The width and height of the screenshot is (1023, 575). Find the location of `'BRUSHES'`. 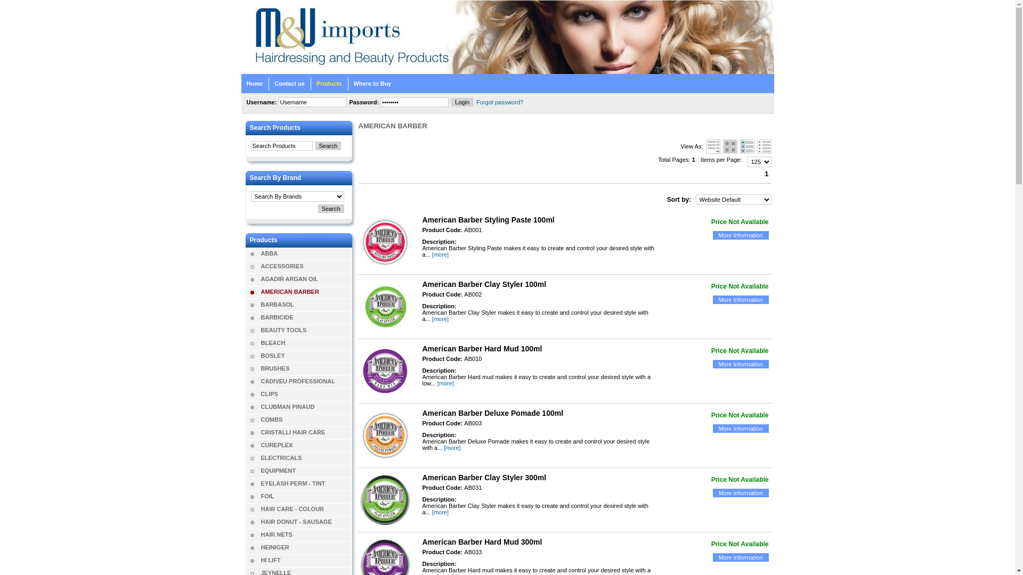

'BRUSHES' is located at coordinates (305, 367).